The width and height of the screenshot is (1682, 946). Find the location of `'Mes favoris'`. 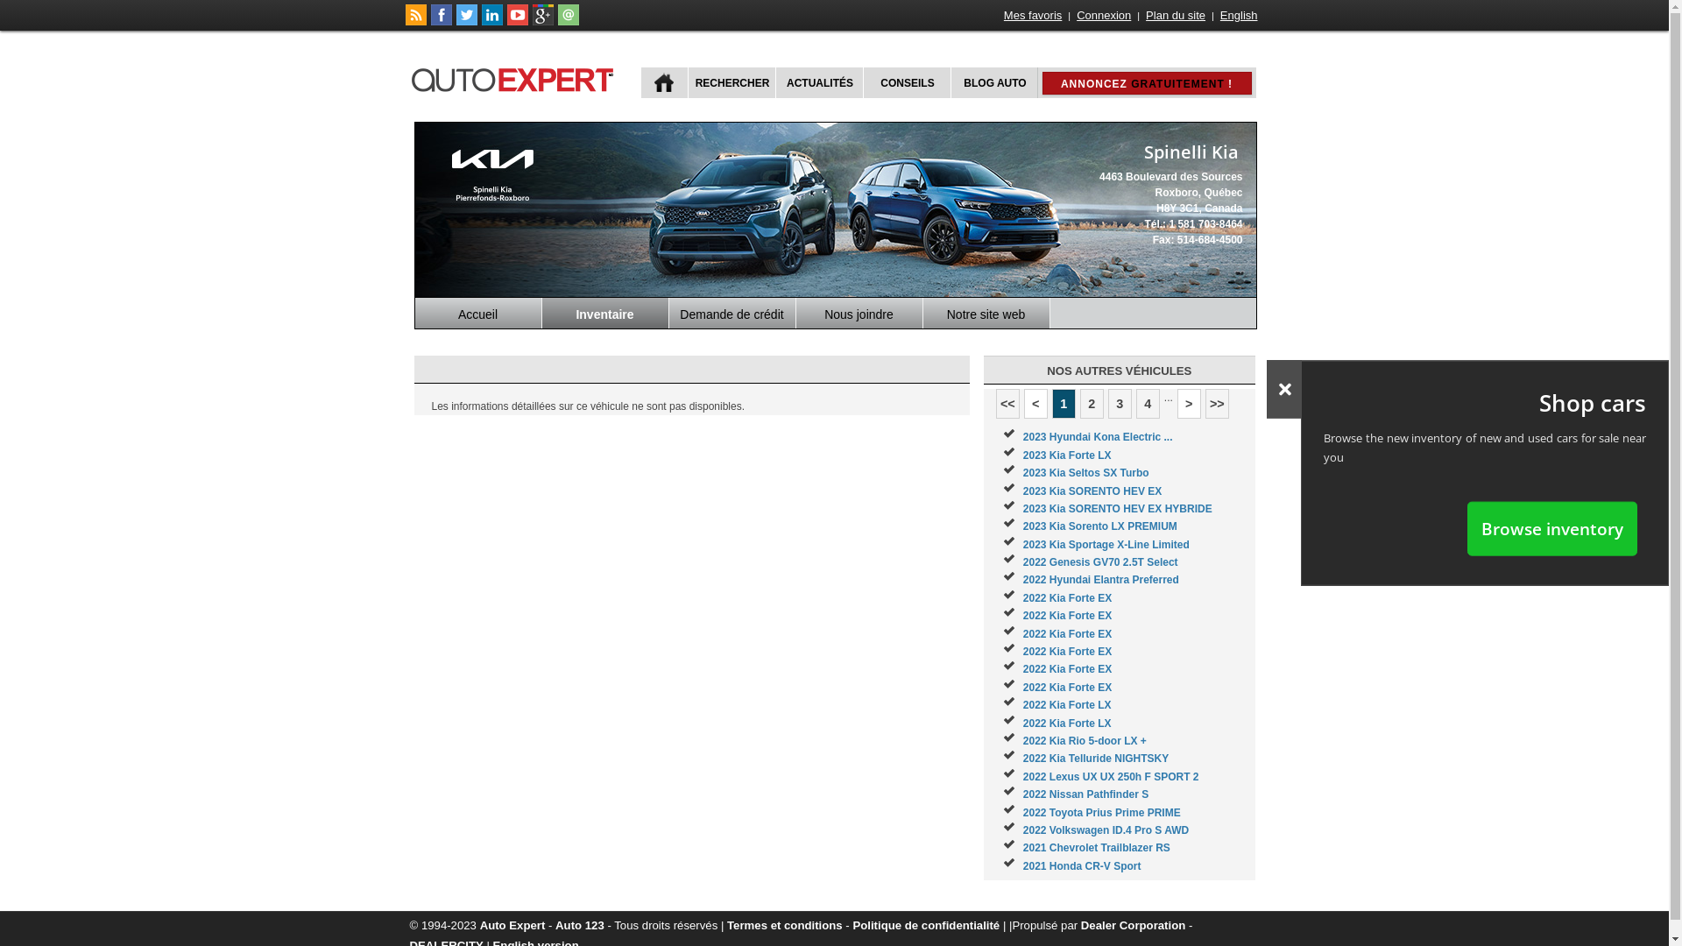

'Mes favoris' is located at coordinates (1033, 15).